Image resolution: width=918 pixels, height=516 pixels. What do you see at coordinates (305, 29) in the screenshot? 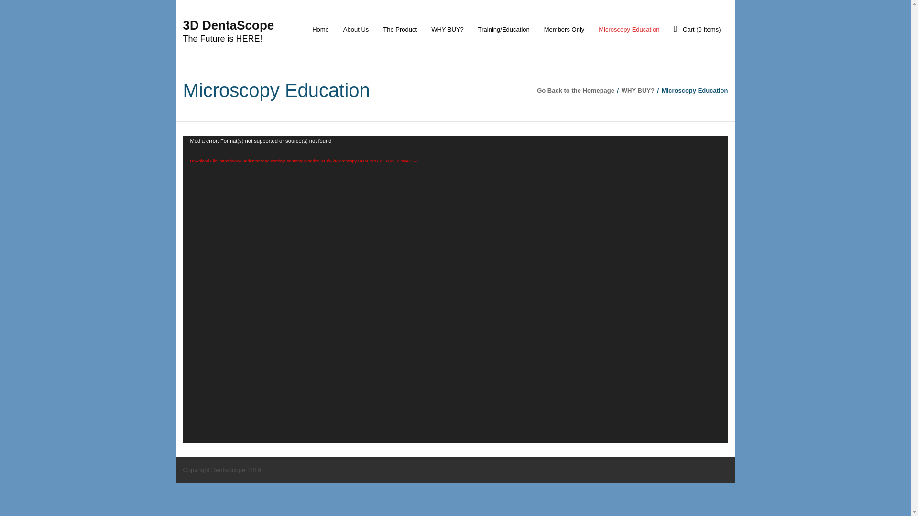
I see `'Home'` at bounding box center [305, 29].